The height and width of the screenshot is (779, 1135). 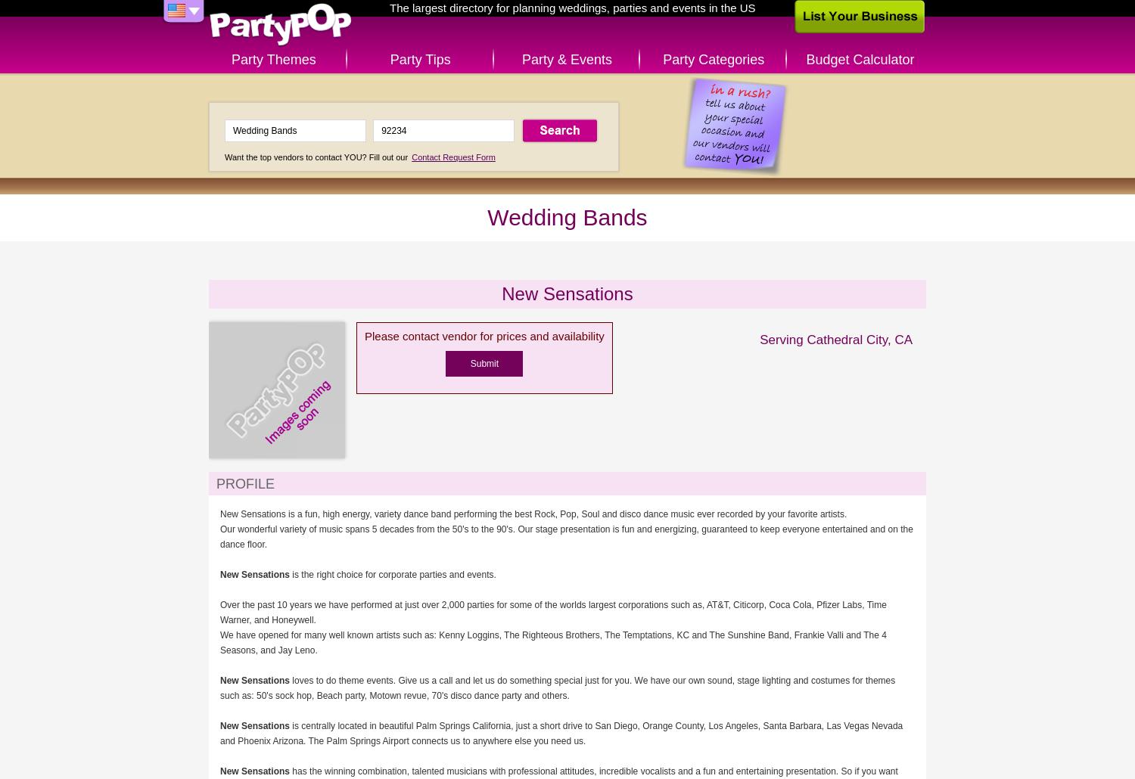 What do you see at coordinates (452, 157) in the screenshot?
I see `'Contact Request Form'` at bounding box center [452, 157].